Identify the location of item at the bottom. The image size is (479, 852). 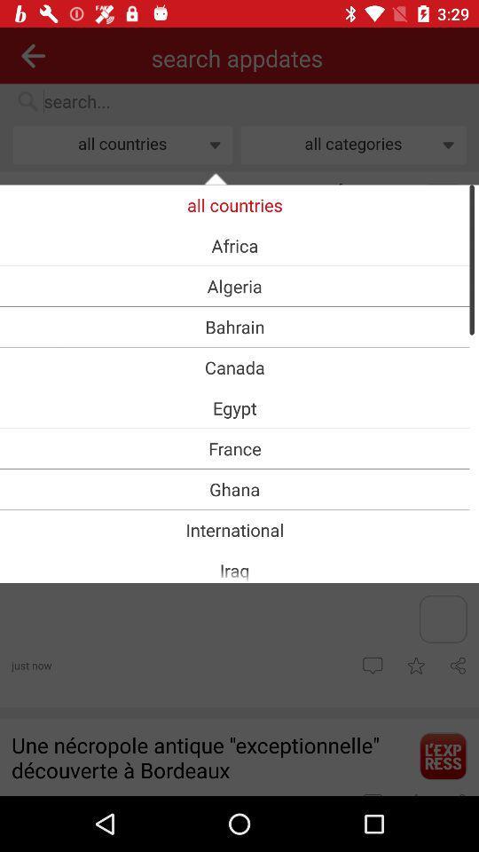
(234, 569).